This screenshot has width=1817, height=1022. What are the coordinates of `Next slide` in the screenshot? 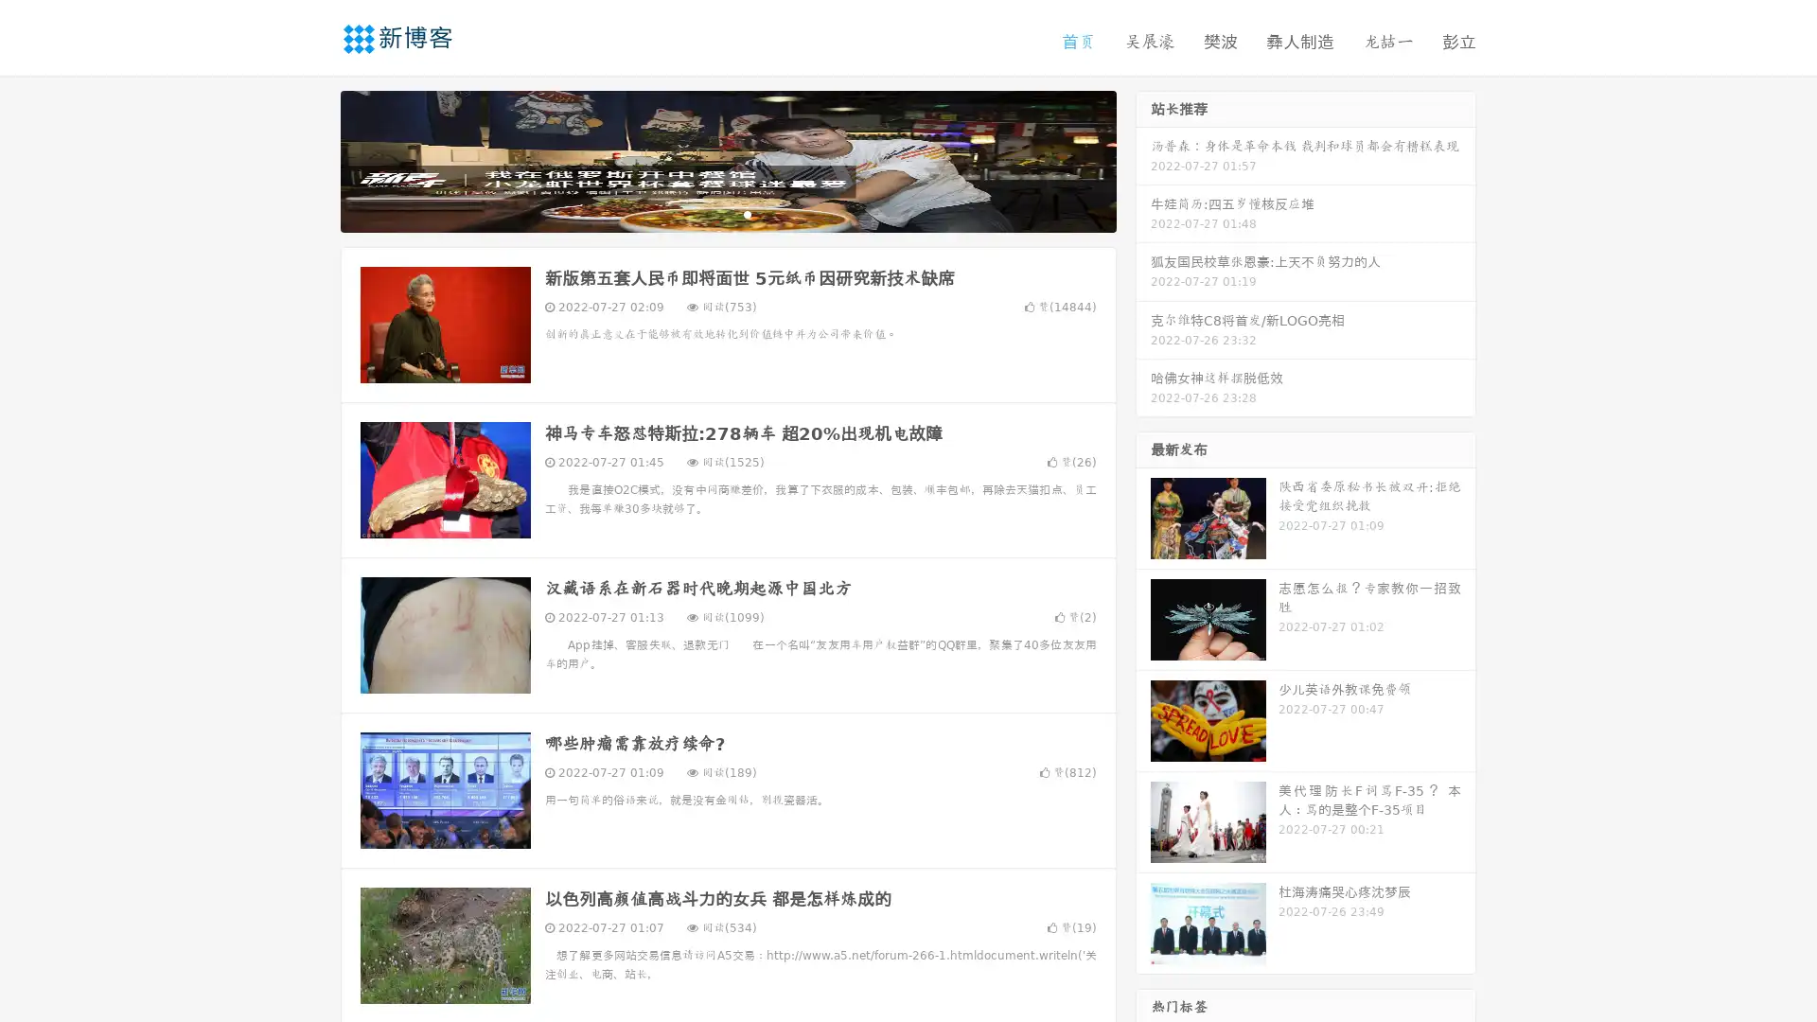 It's located at (1143, 159).